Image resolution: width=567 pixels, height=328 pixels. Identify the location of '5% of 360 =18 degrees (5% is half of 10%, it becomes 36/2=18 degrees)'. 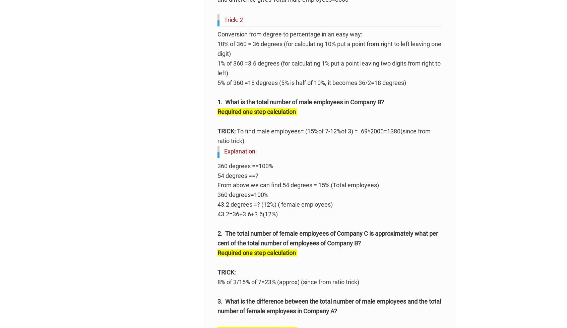
(312, 82).